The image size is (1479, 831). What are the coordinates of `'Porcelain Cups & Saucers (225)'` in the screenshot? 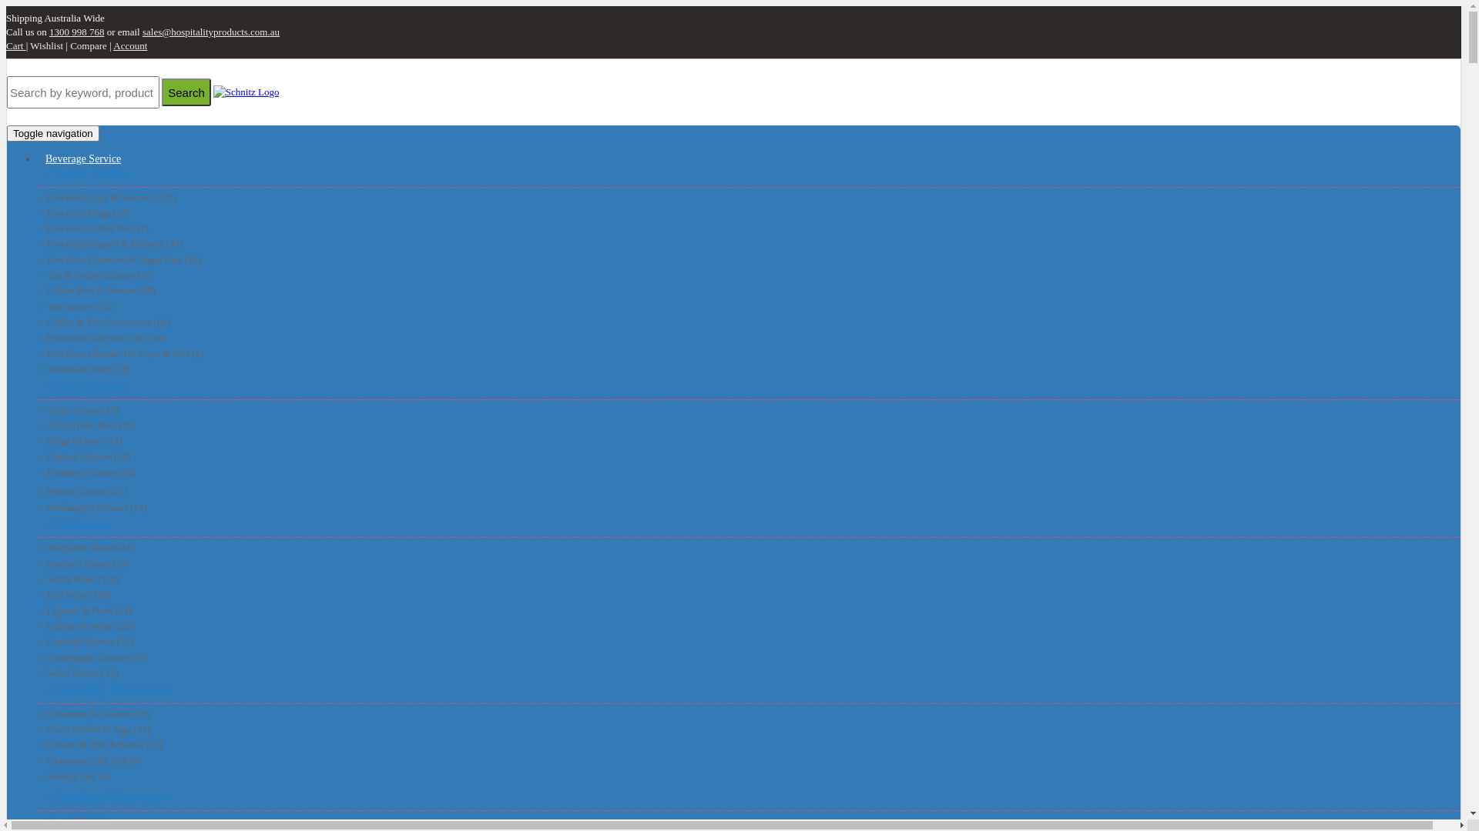 It's located at (39, 197).